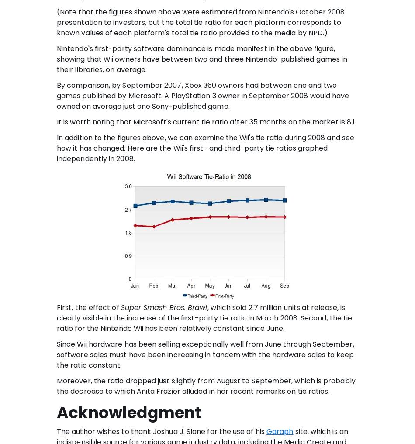 Image resolution: width=415 pixels, height=444 pixels. Describe the element at coordinates (205, 385) in the screenshot. I see `'Moreover, the ratio
dropped just slightly from August to September, which is probably the
decrease to which Anita Frazier alluded in her recent remarks on tie
ratios.'` at that location.